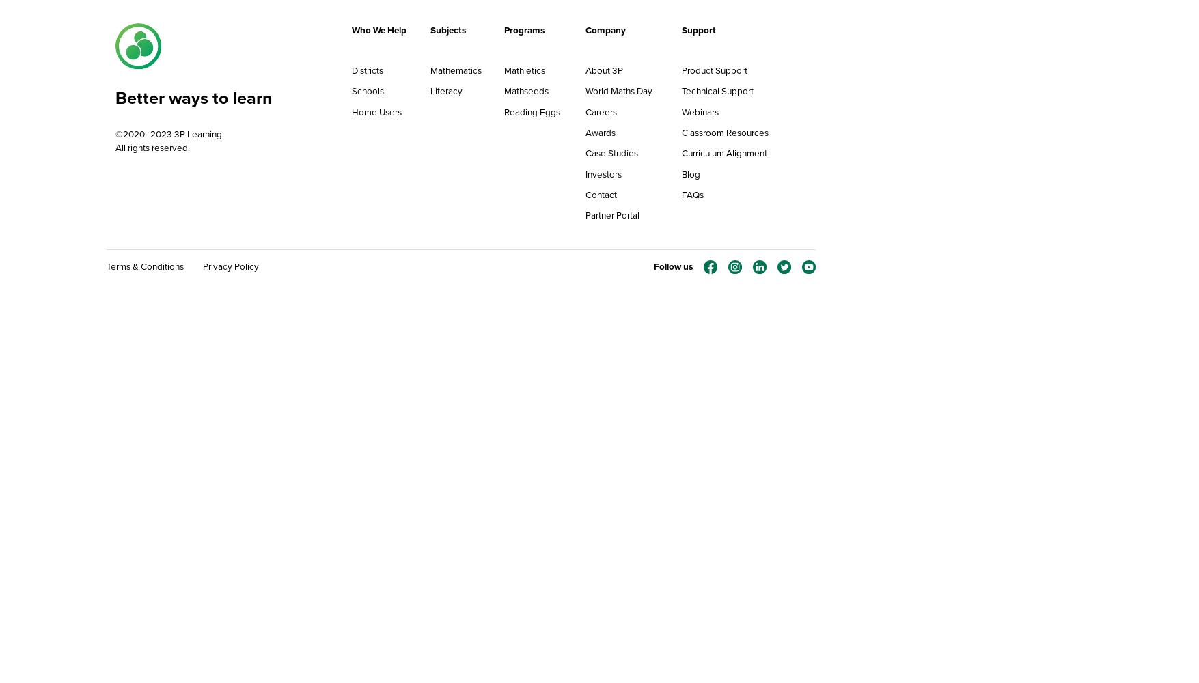 The image size is (1199, 683). What do you see at coordinates (673, 266) in the screenshot?
I see `'Follow us'` at bounding box center [673, 266].